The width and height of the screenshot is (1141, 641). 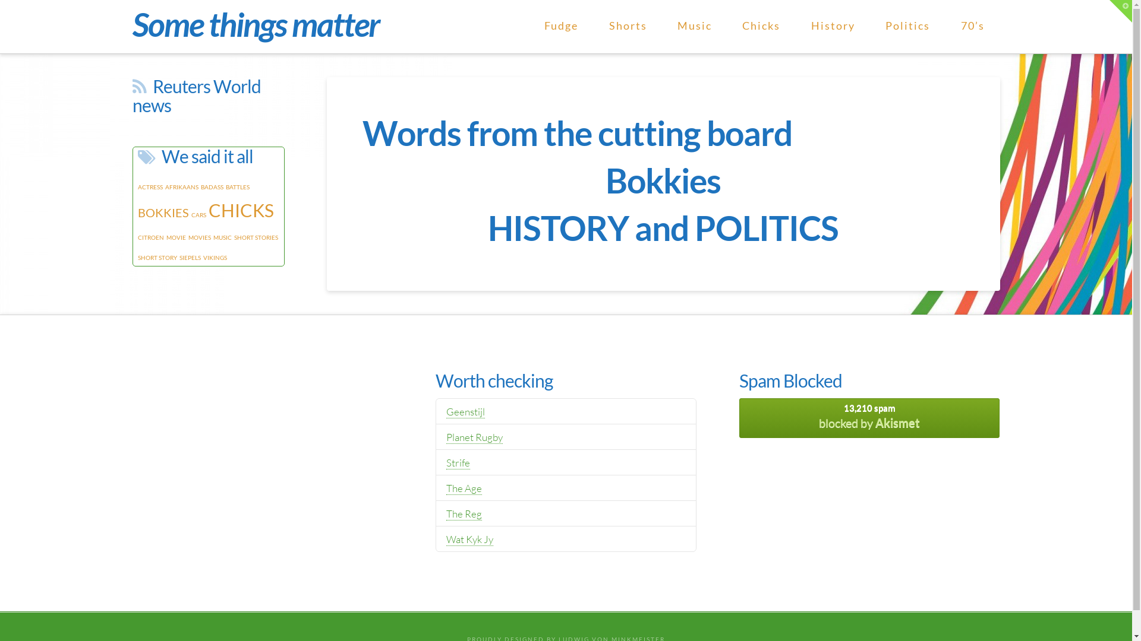 I want to click on 'Chicks', so click(x=761, y=27).